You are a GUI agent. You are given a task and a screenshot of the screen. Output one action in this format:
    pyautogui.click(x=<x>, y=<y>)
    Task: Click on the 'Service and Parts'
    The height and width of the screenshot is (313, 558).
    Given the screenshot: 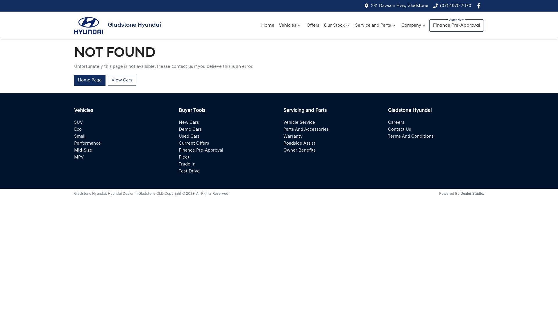 What is the action you would take?
    pyautogui.click(x=376, y=25)
    